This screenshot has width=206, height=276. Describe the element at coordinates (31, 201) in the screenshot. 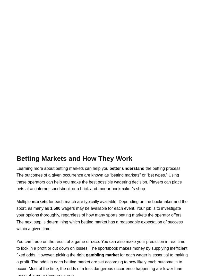

I see `'markets'` at that location.